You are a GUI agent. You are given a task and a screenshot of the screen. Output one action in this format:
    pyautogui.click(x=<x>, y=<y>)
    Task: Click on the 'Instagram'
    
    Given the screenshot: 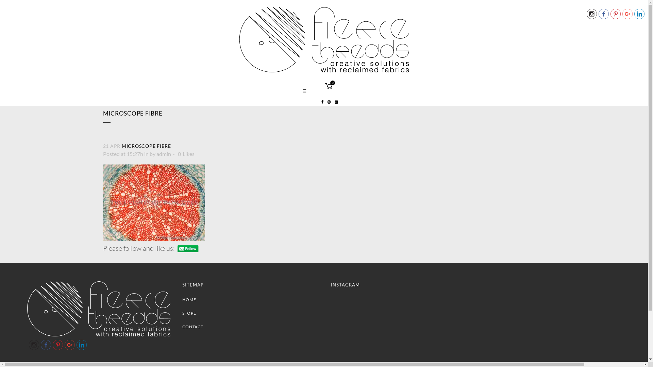 What is the action you would take?
    pyautogui.click(x=591, y=14)
    